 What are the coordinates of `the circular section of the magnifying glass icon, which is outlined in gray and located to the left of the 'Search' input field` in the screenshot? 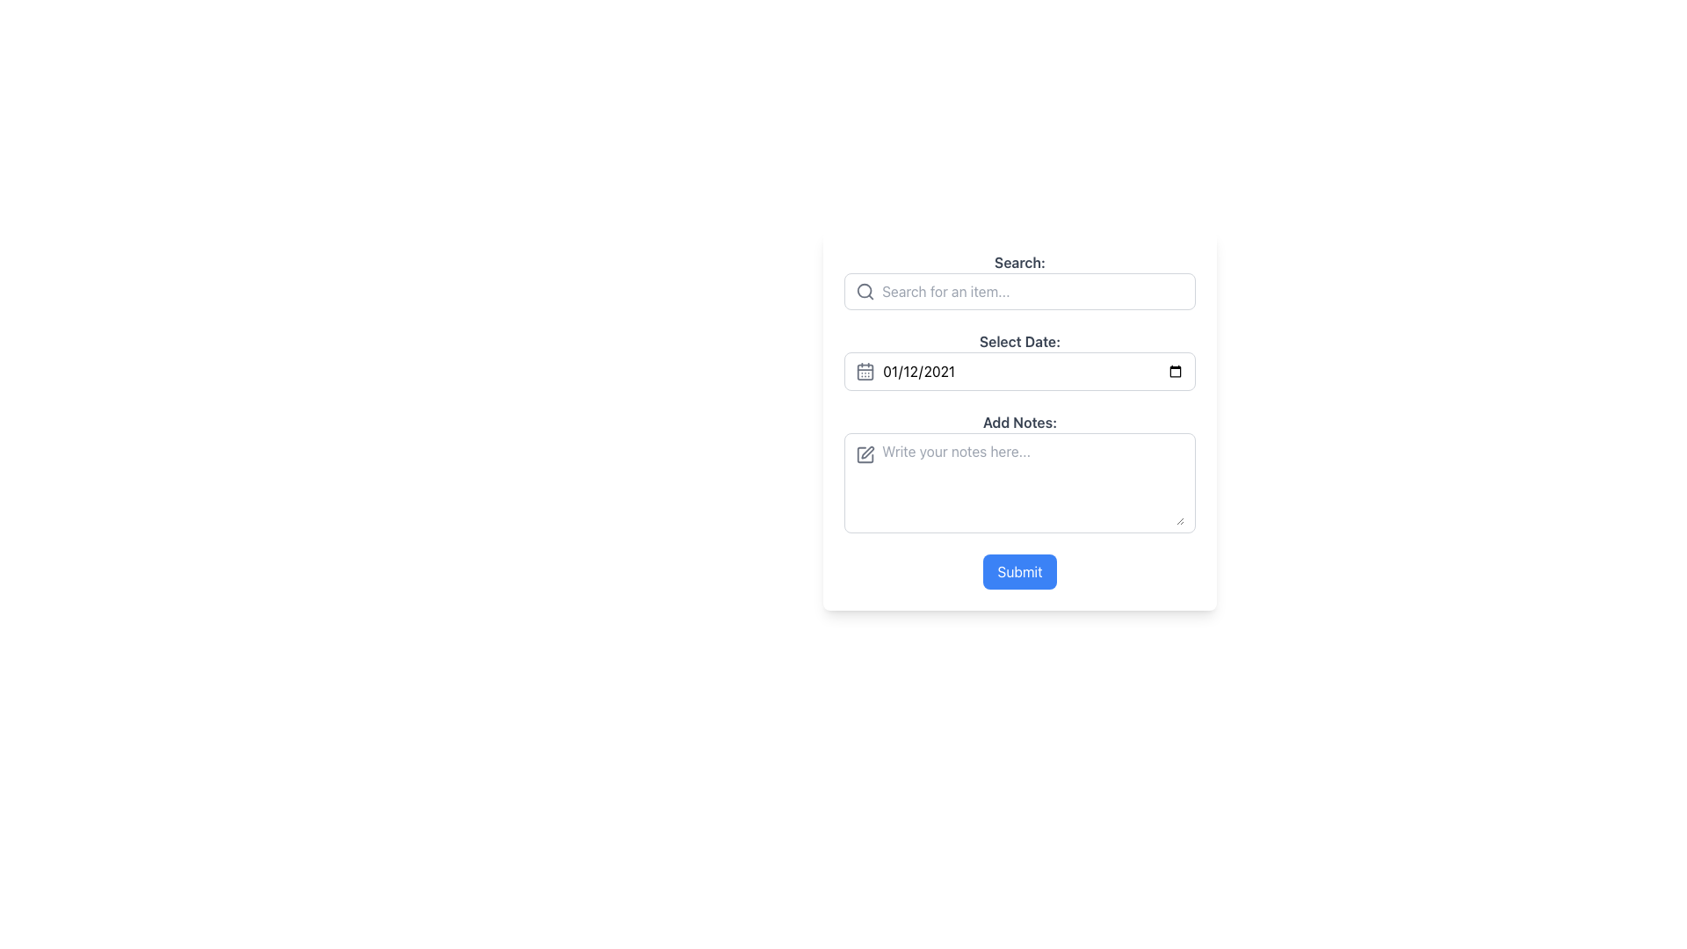 It's located at (865, 290).